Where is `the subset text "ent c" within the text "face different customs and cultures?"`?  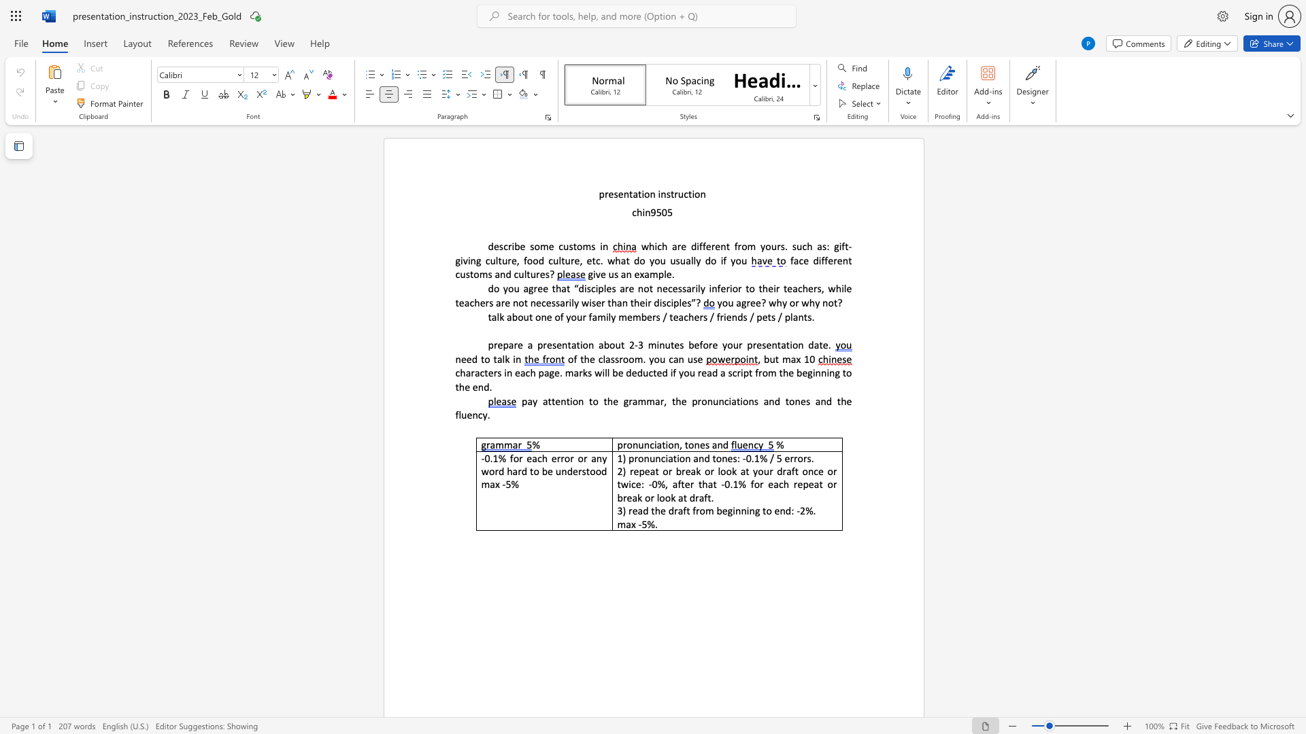 the subset text "ent c" within the text "face different customs and cultures?" is located at coordinates (836, 260).